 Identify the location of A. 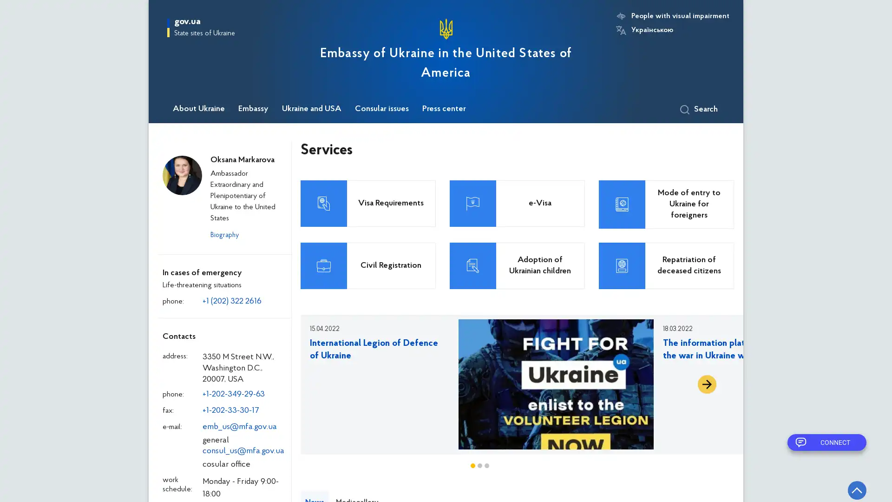
(706, 384).